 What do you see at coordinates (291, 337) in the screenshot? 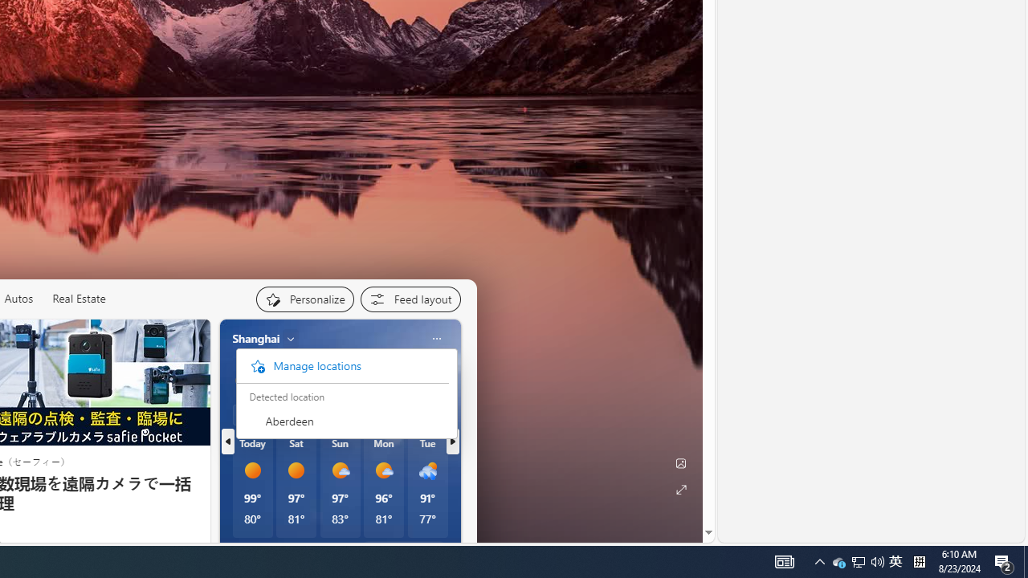
I see `'My location'` at bounding box center [291, 337].